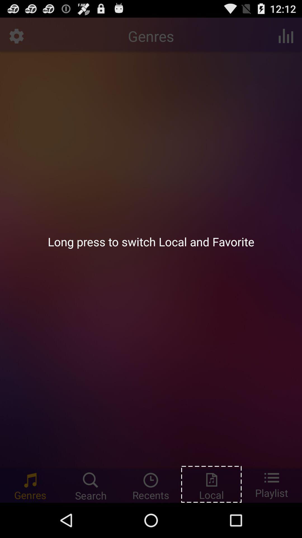 The height and width of the screenshot is (538, 302). Describe the element at coordinates (286, 36) in the screenshot. I see `the item to the right of the genres item` at that location.